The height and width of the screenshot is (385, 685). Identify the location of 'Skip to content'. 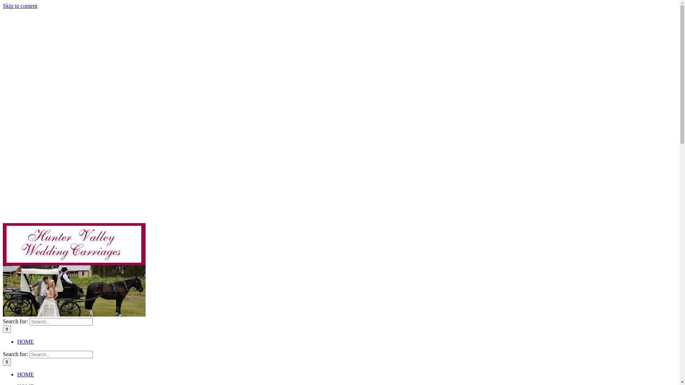
(3, 6).